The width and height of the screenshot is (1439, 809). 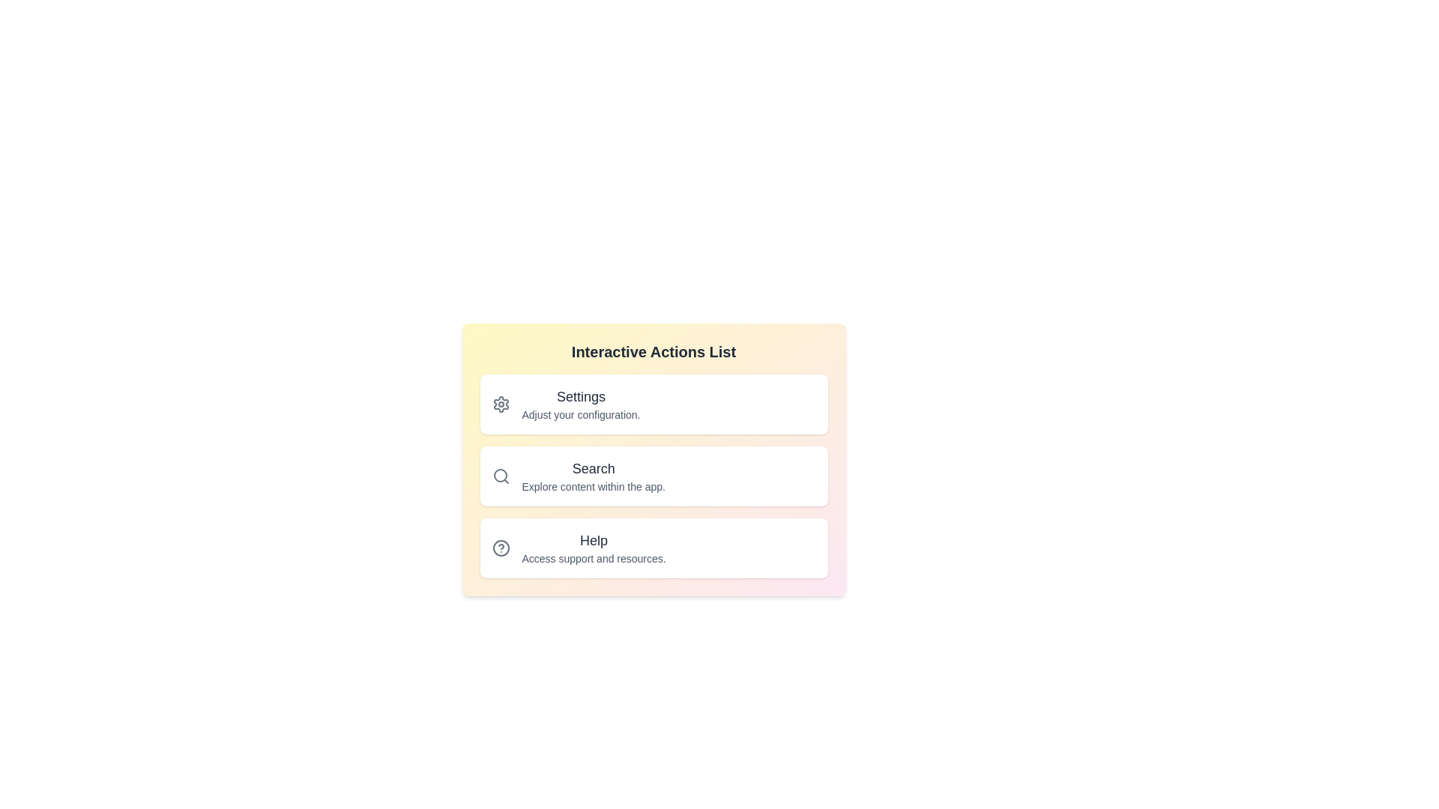 I want to click on the 'Search' item in the list to explore app content, so click(x=654, y=476).